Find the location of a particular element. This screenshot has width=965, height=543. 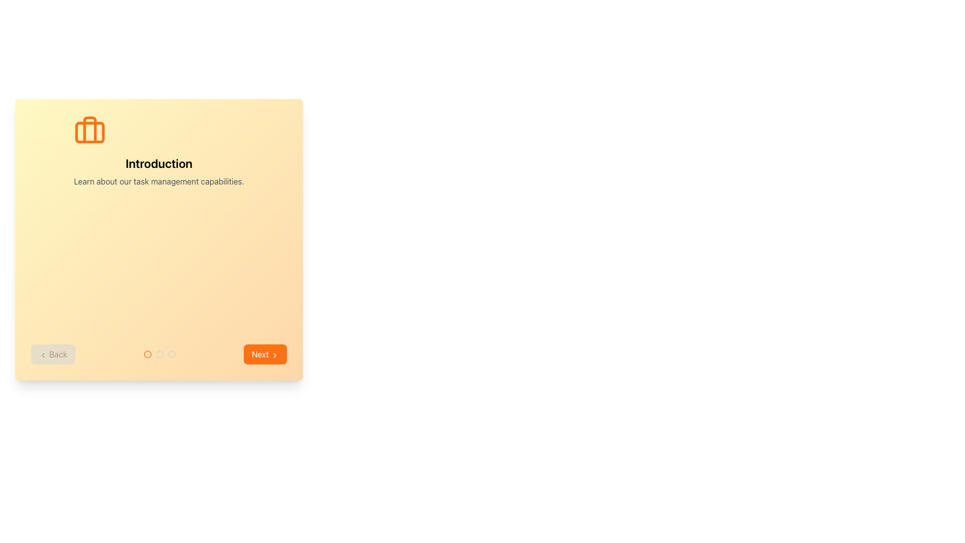

the navigation dot located at the bottom center of the card layout to jump to a specific section is located at coordinates (158, 354).